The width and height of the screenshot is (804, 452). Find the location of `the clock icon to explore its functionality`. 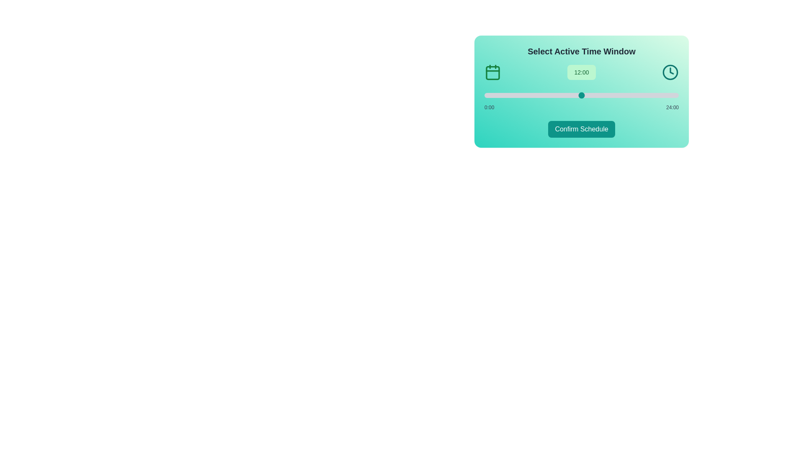

the clock icon to explore its functionality is located at coordinates (669, 72).